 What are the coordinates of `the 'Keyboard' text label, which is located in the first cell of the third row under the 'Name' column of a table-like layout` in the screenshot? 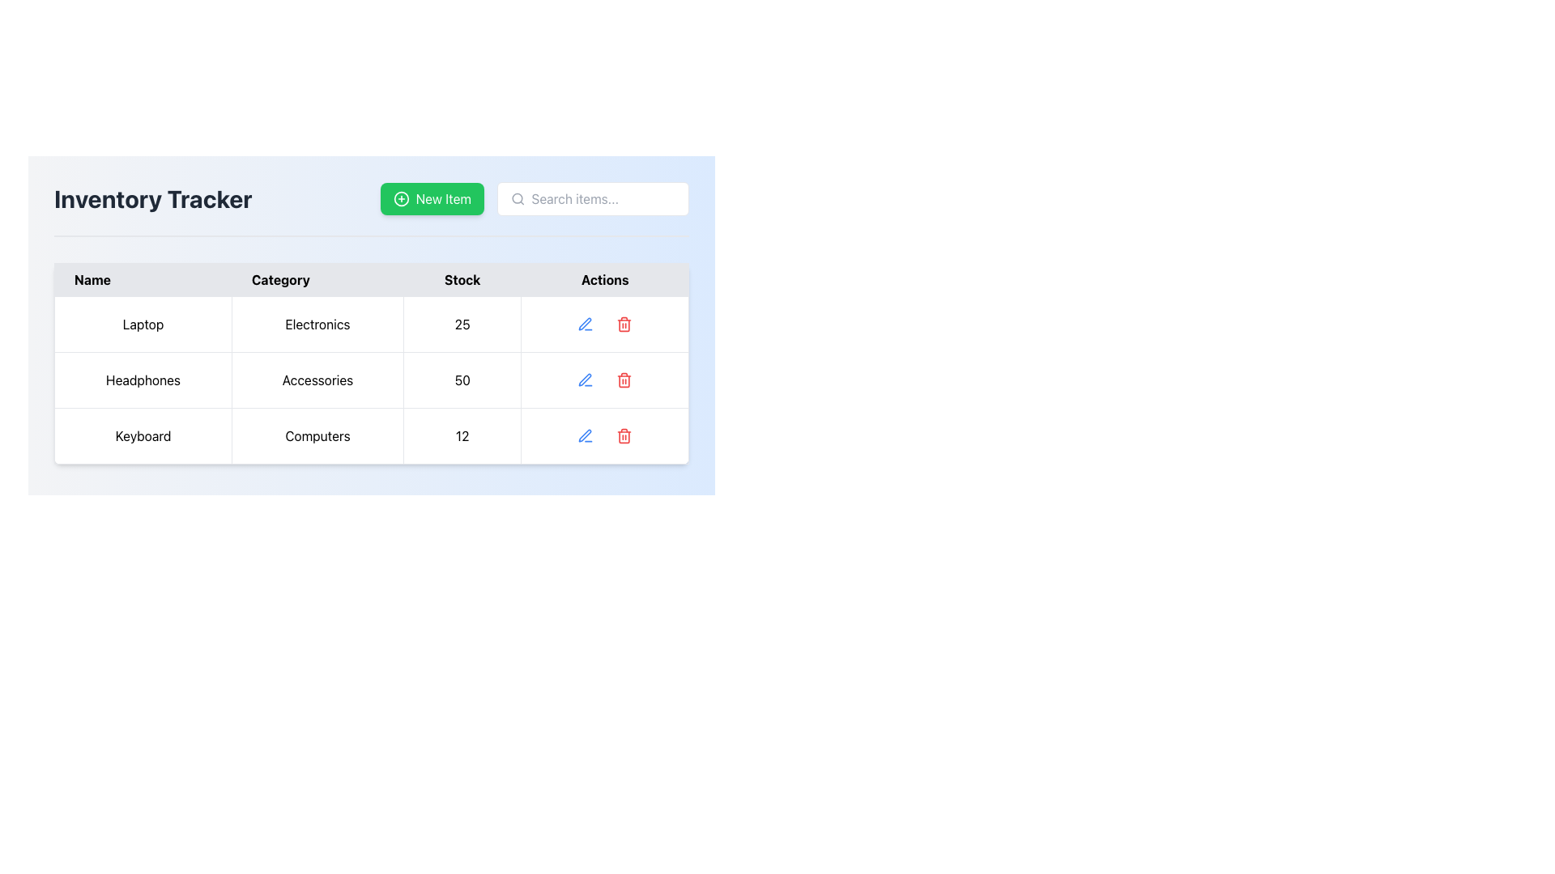 It's located at (143, 435).